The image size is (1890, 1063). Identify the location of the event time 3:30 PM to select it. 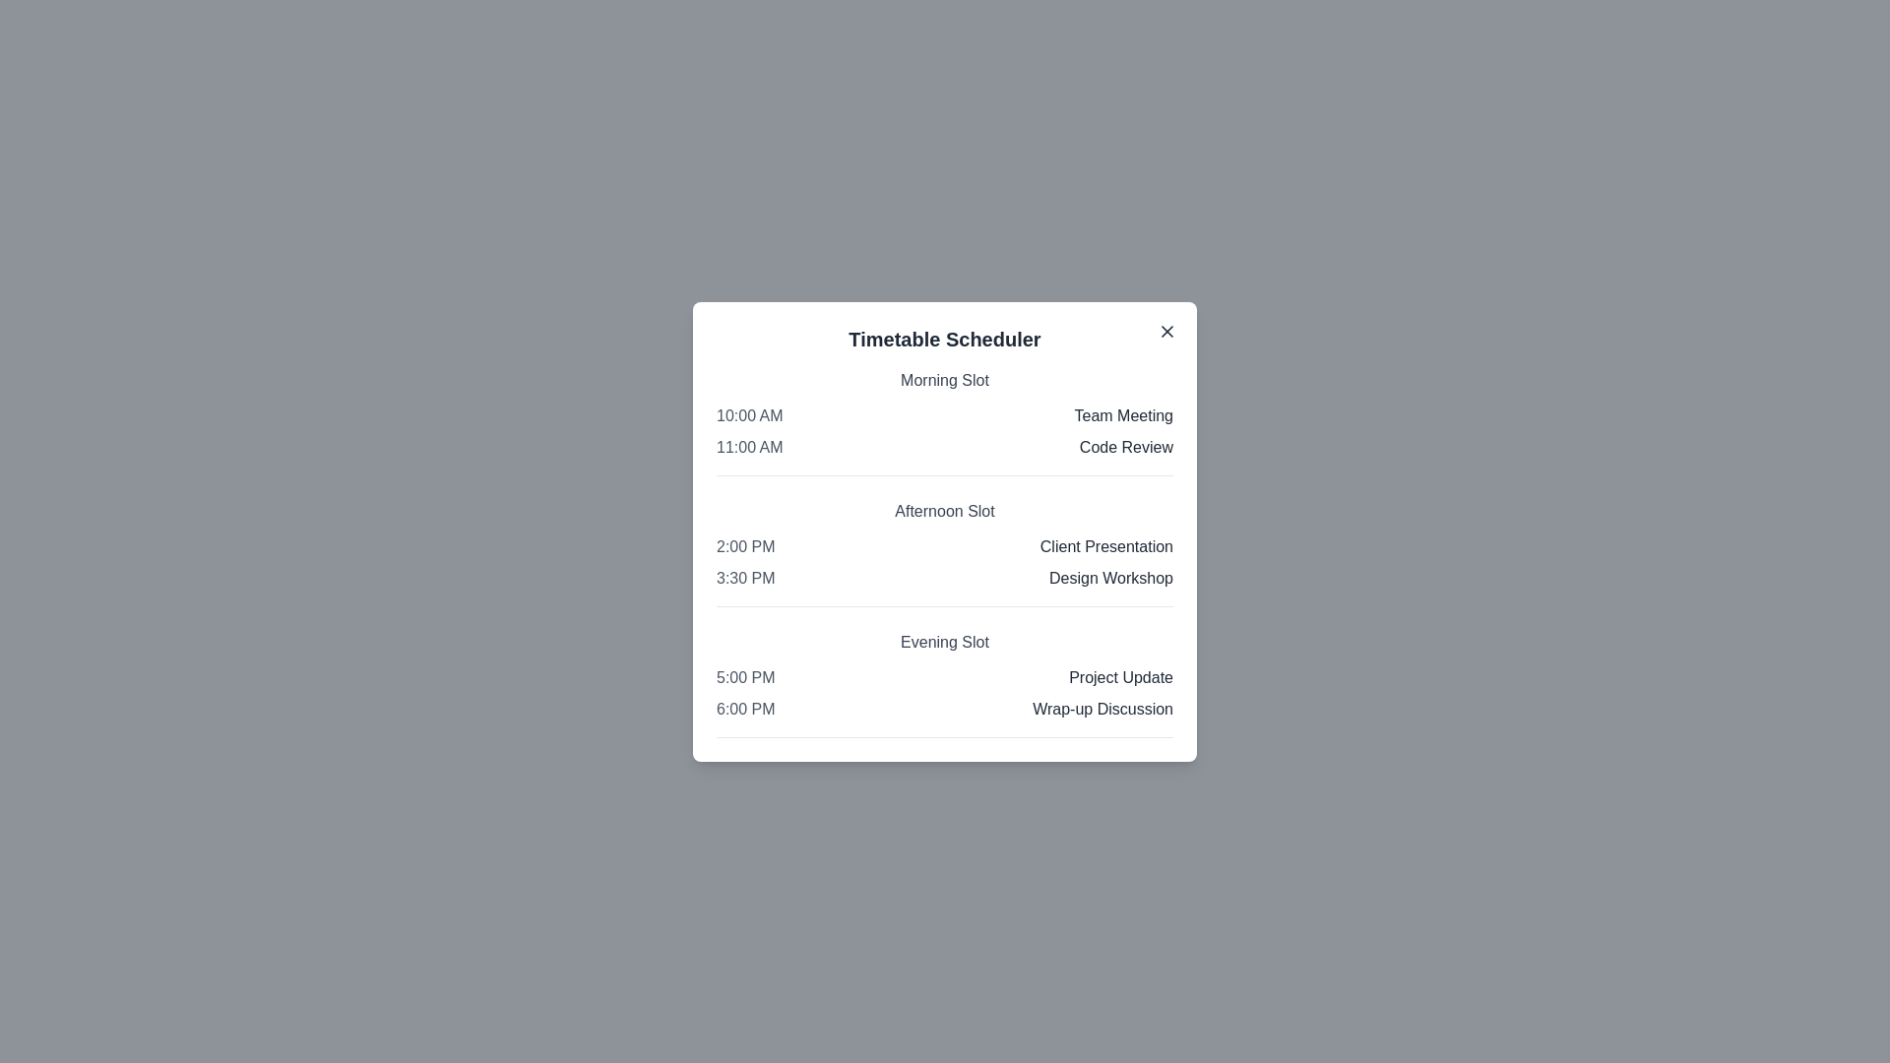
(744, 577).